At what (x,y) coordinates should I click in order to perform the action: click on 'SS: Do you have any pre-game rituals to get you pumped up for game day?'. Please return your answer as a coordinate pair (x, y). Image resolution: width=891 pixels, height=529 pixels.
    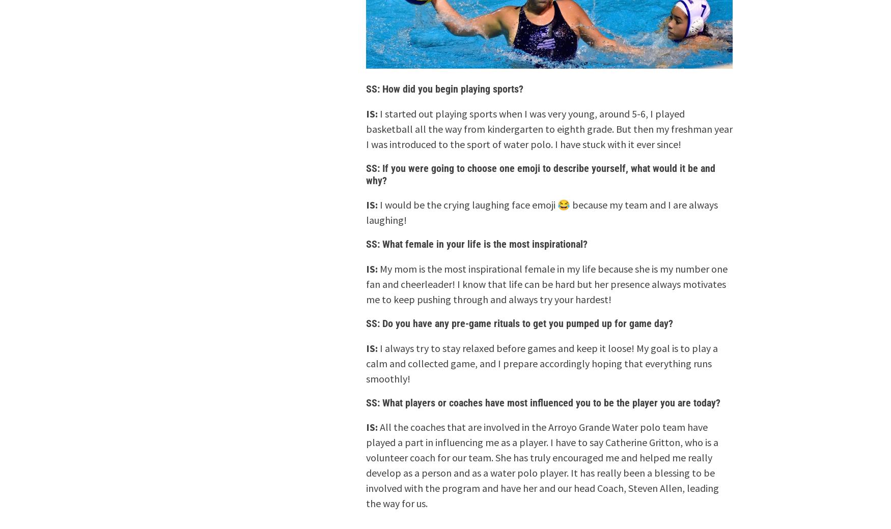
    Looking at the image, I should click on (519, 322).